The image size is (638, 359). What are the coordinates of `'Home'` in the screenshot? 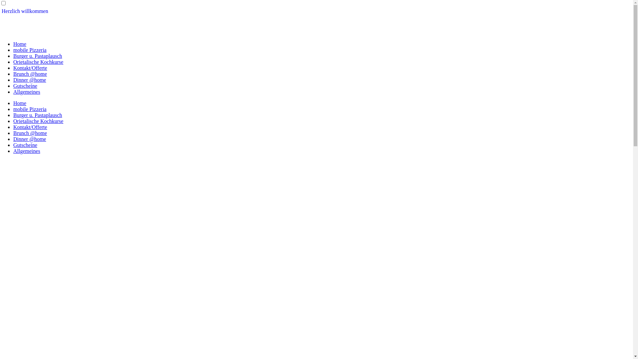 It's located at (20, 103).